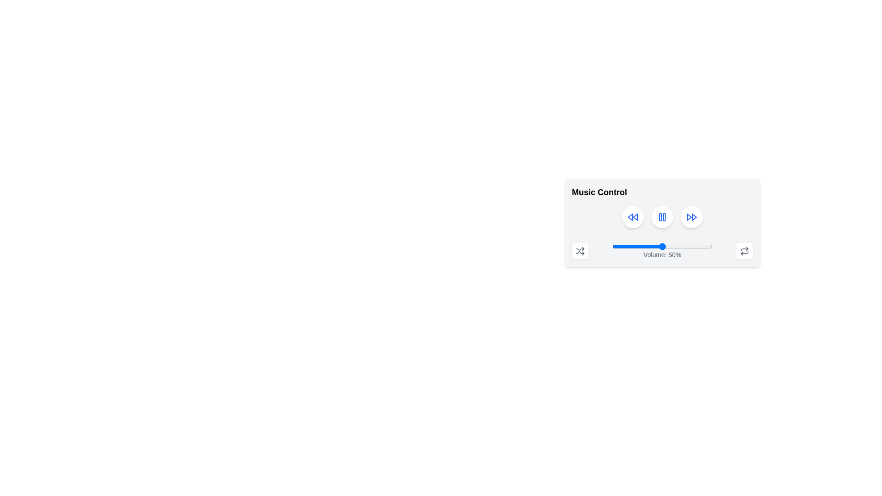 The height and width of the screenshot is (496, 882). I want to click on the blue vertical rectangle with rounded corners that is part of the pause button on the music control interface, so click(664, 217).